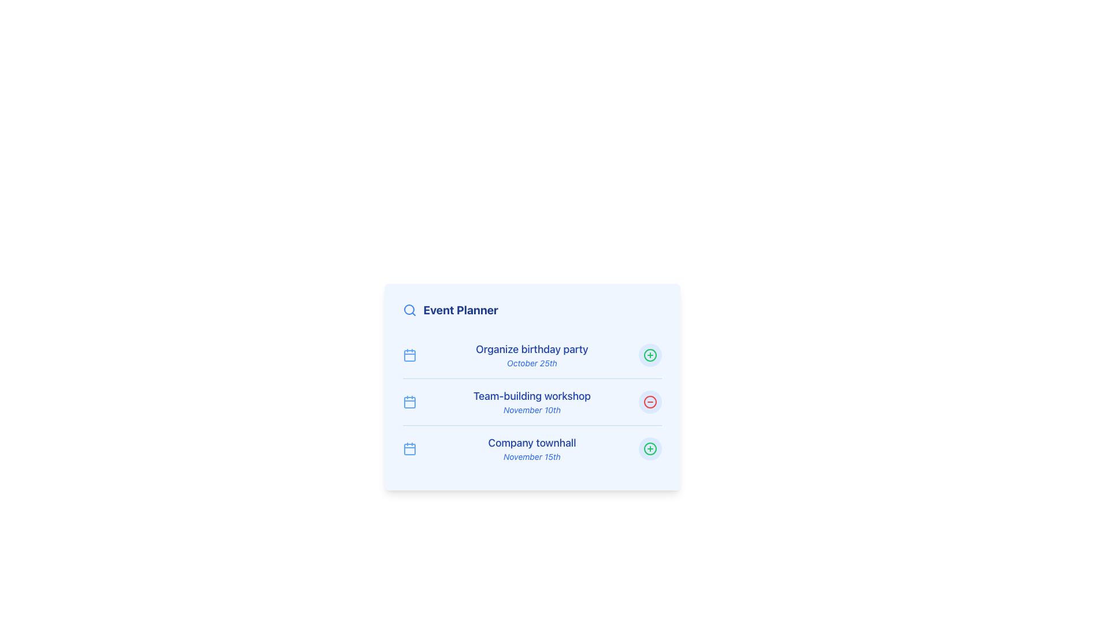  What do you see at coordinates (531, 401) in the screenshot?
I see `the text display element that shows the title 'Team-building workshop' and its date 'November 10th'` at bounding box center [531, 401].